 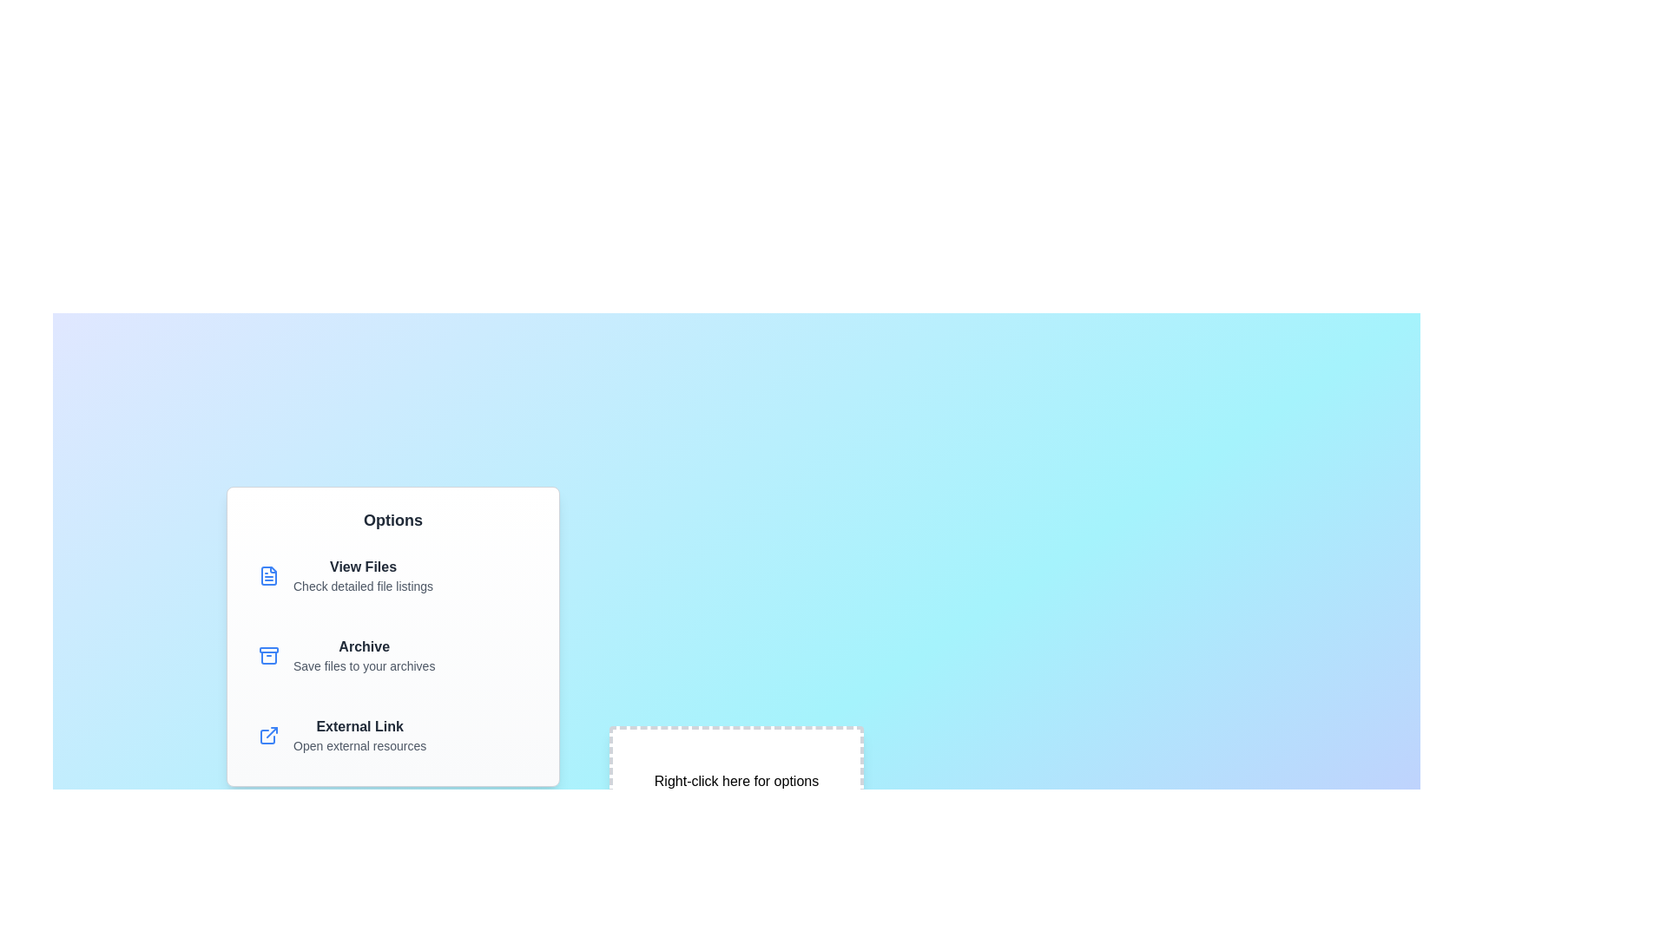 I want to click on the menu item 'View Files' to view its hover effect, so click(x=392, y=575).